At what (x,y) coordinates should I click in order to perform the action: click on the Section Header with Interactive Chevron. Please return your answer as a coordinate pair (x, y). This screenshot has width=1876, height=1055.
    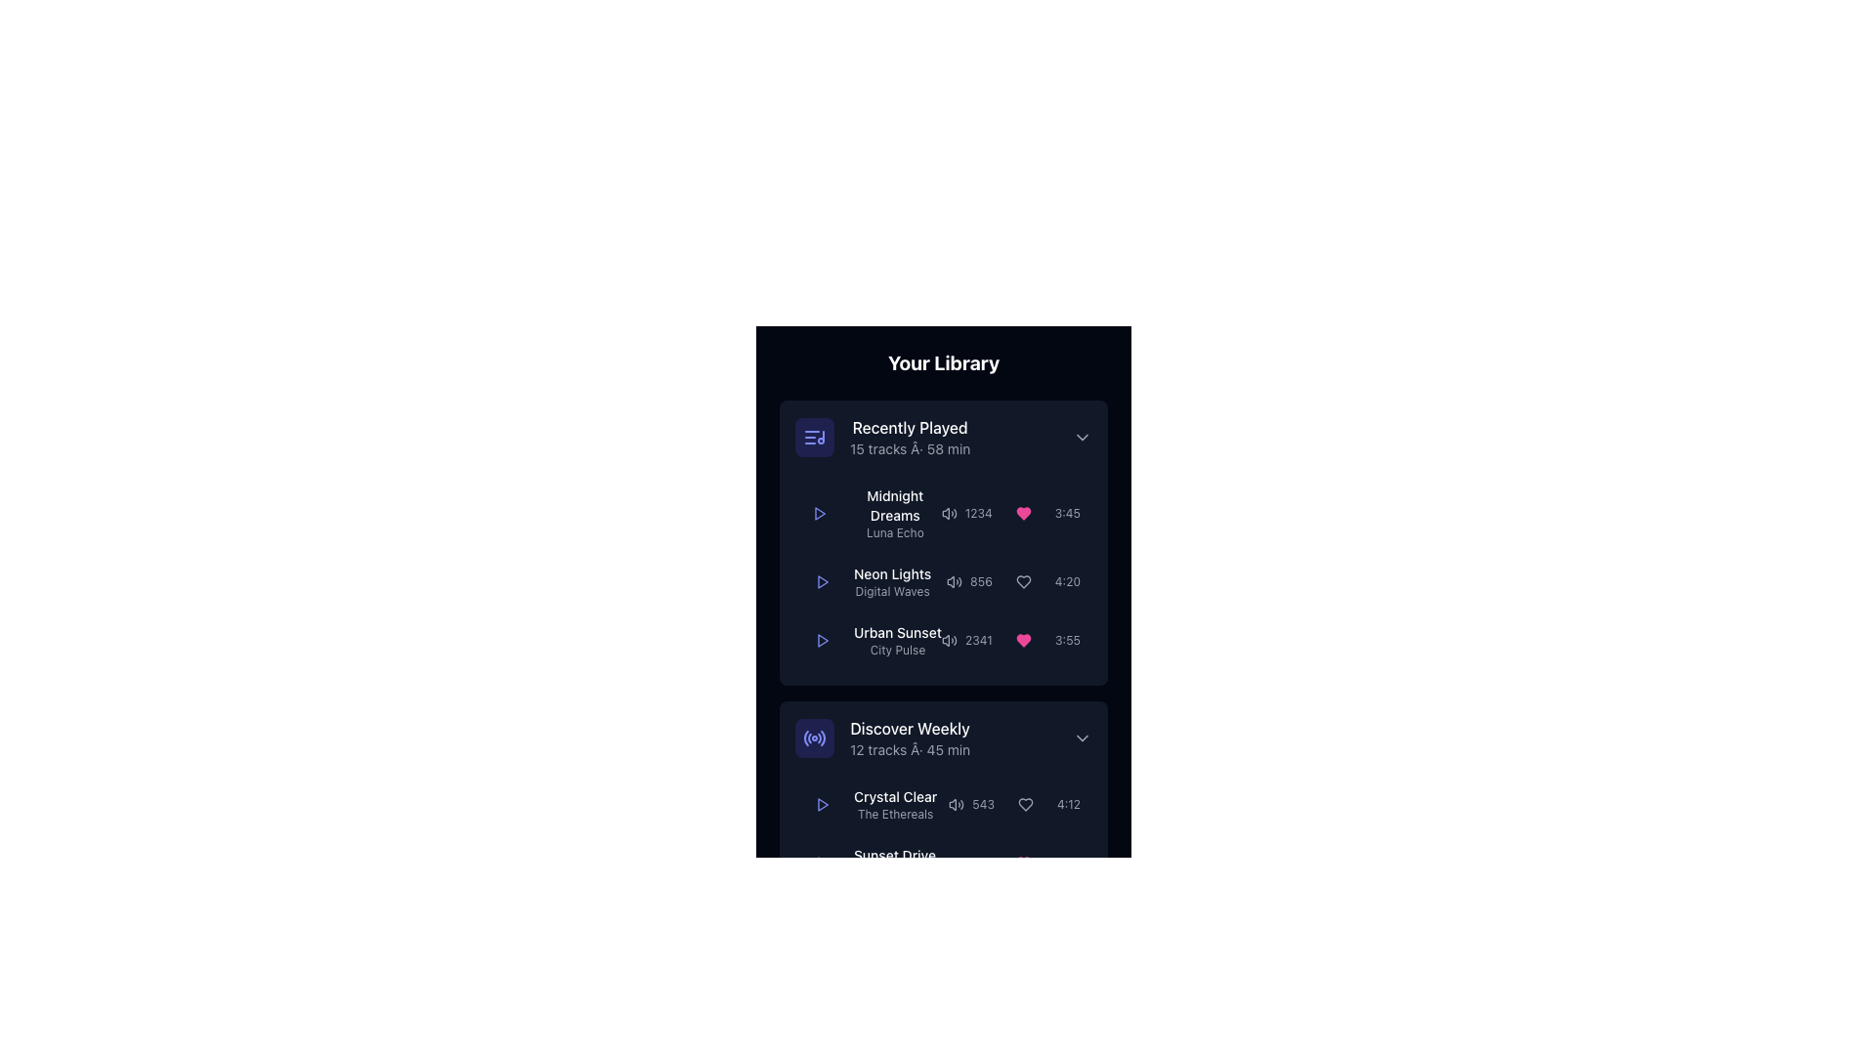
    Looking at the image, I should click on (943, 436).